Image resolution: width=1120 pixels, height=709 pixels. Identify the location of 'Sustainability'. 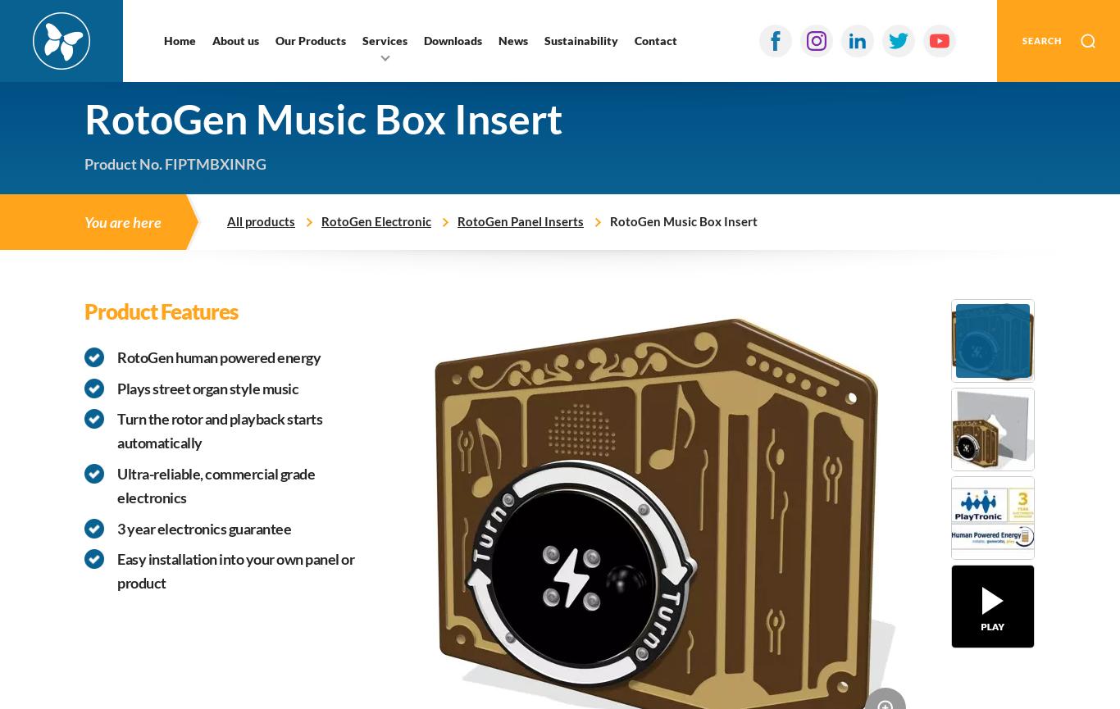
(580, 40).